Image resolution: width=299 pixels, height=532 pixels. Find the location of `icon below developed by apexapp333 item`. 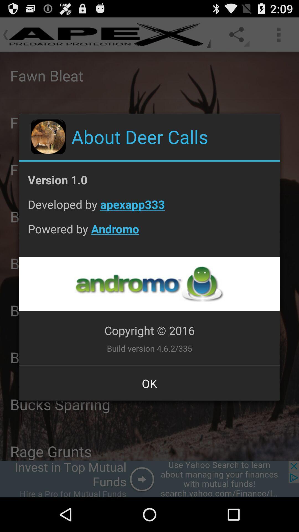

icon below developed by apexapp333 item is located at coordinates (149, 233).